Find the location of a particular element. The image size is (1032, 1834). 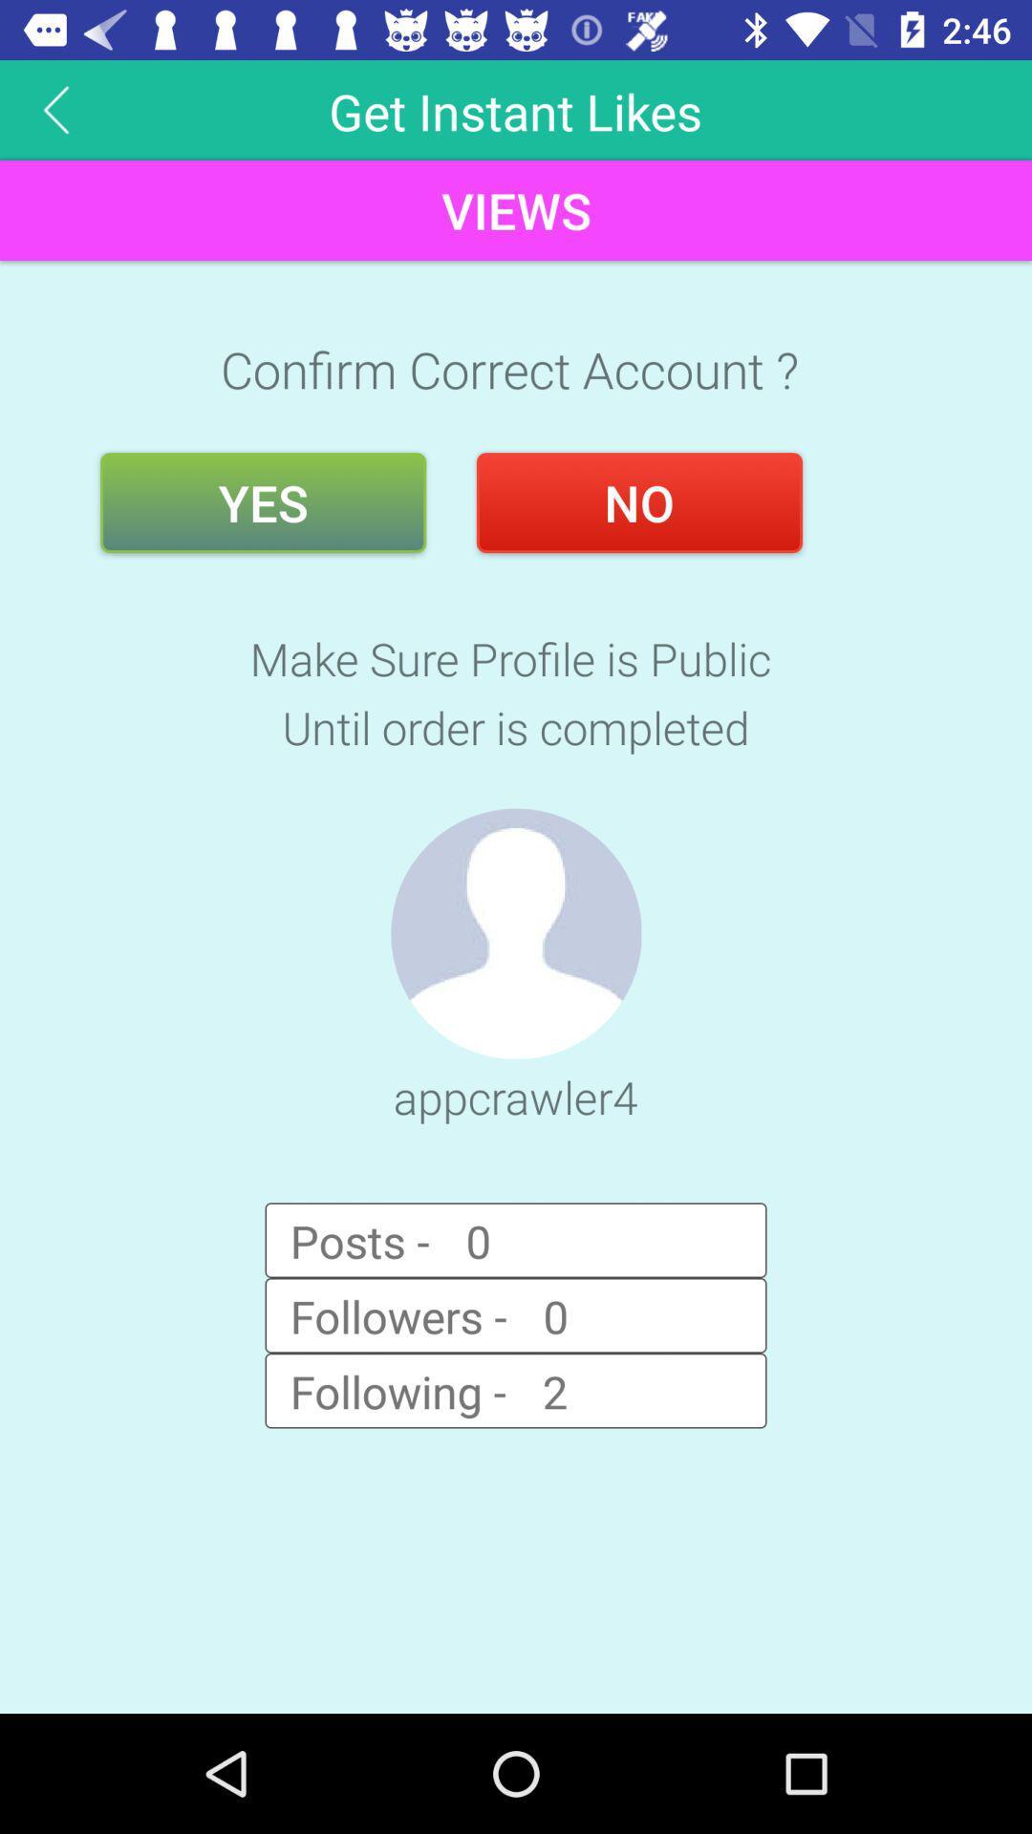

icon above make sure profile icon is located at coordinates (639, 502).